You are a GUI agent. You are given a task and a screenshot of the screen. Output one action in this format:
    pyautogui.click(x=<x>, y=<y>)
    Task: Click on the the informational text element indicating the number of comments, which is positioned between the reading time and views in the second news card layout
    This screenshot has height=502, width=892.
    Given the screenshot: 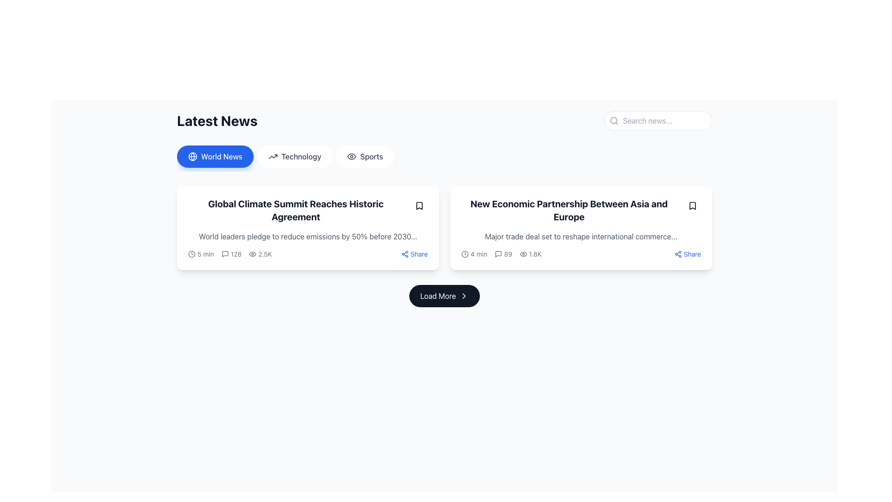 What is the action you would take?
    pyautogui.click(x=503, y=254)
    